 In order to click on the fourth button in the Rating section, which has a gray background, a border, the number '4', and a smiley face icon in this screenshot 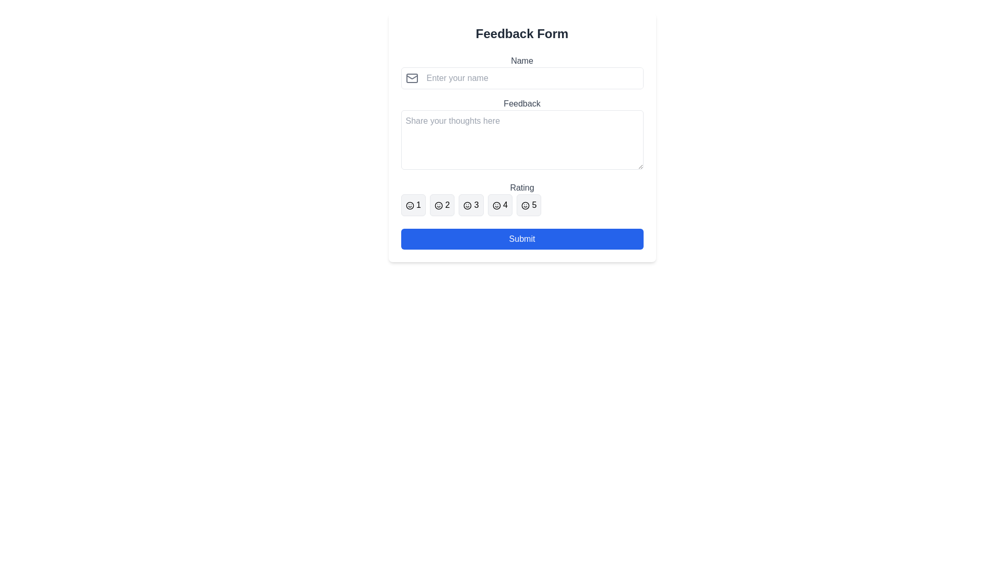, I will do `click(499, 205)`.